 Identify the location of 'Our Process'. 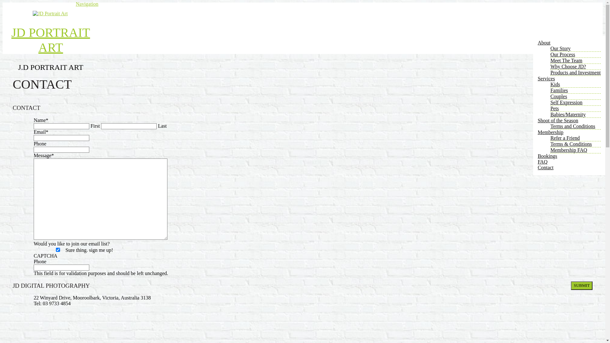
(563, 54).